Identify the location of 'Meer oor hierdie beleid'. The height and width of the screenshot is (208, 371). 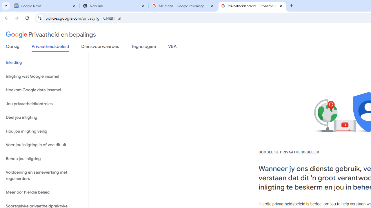
(44, 192).